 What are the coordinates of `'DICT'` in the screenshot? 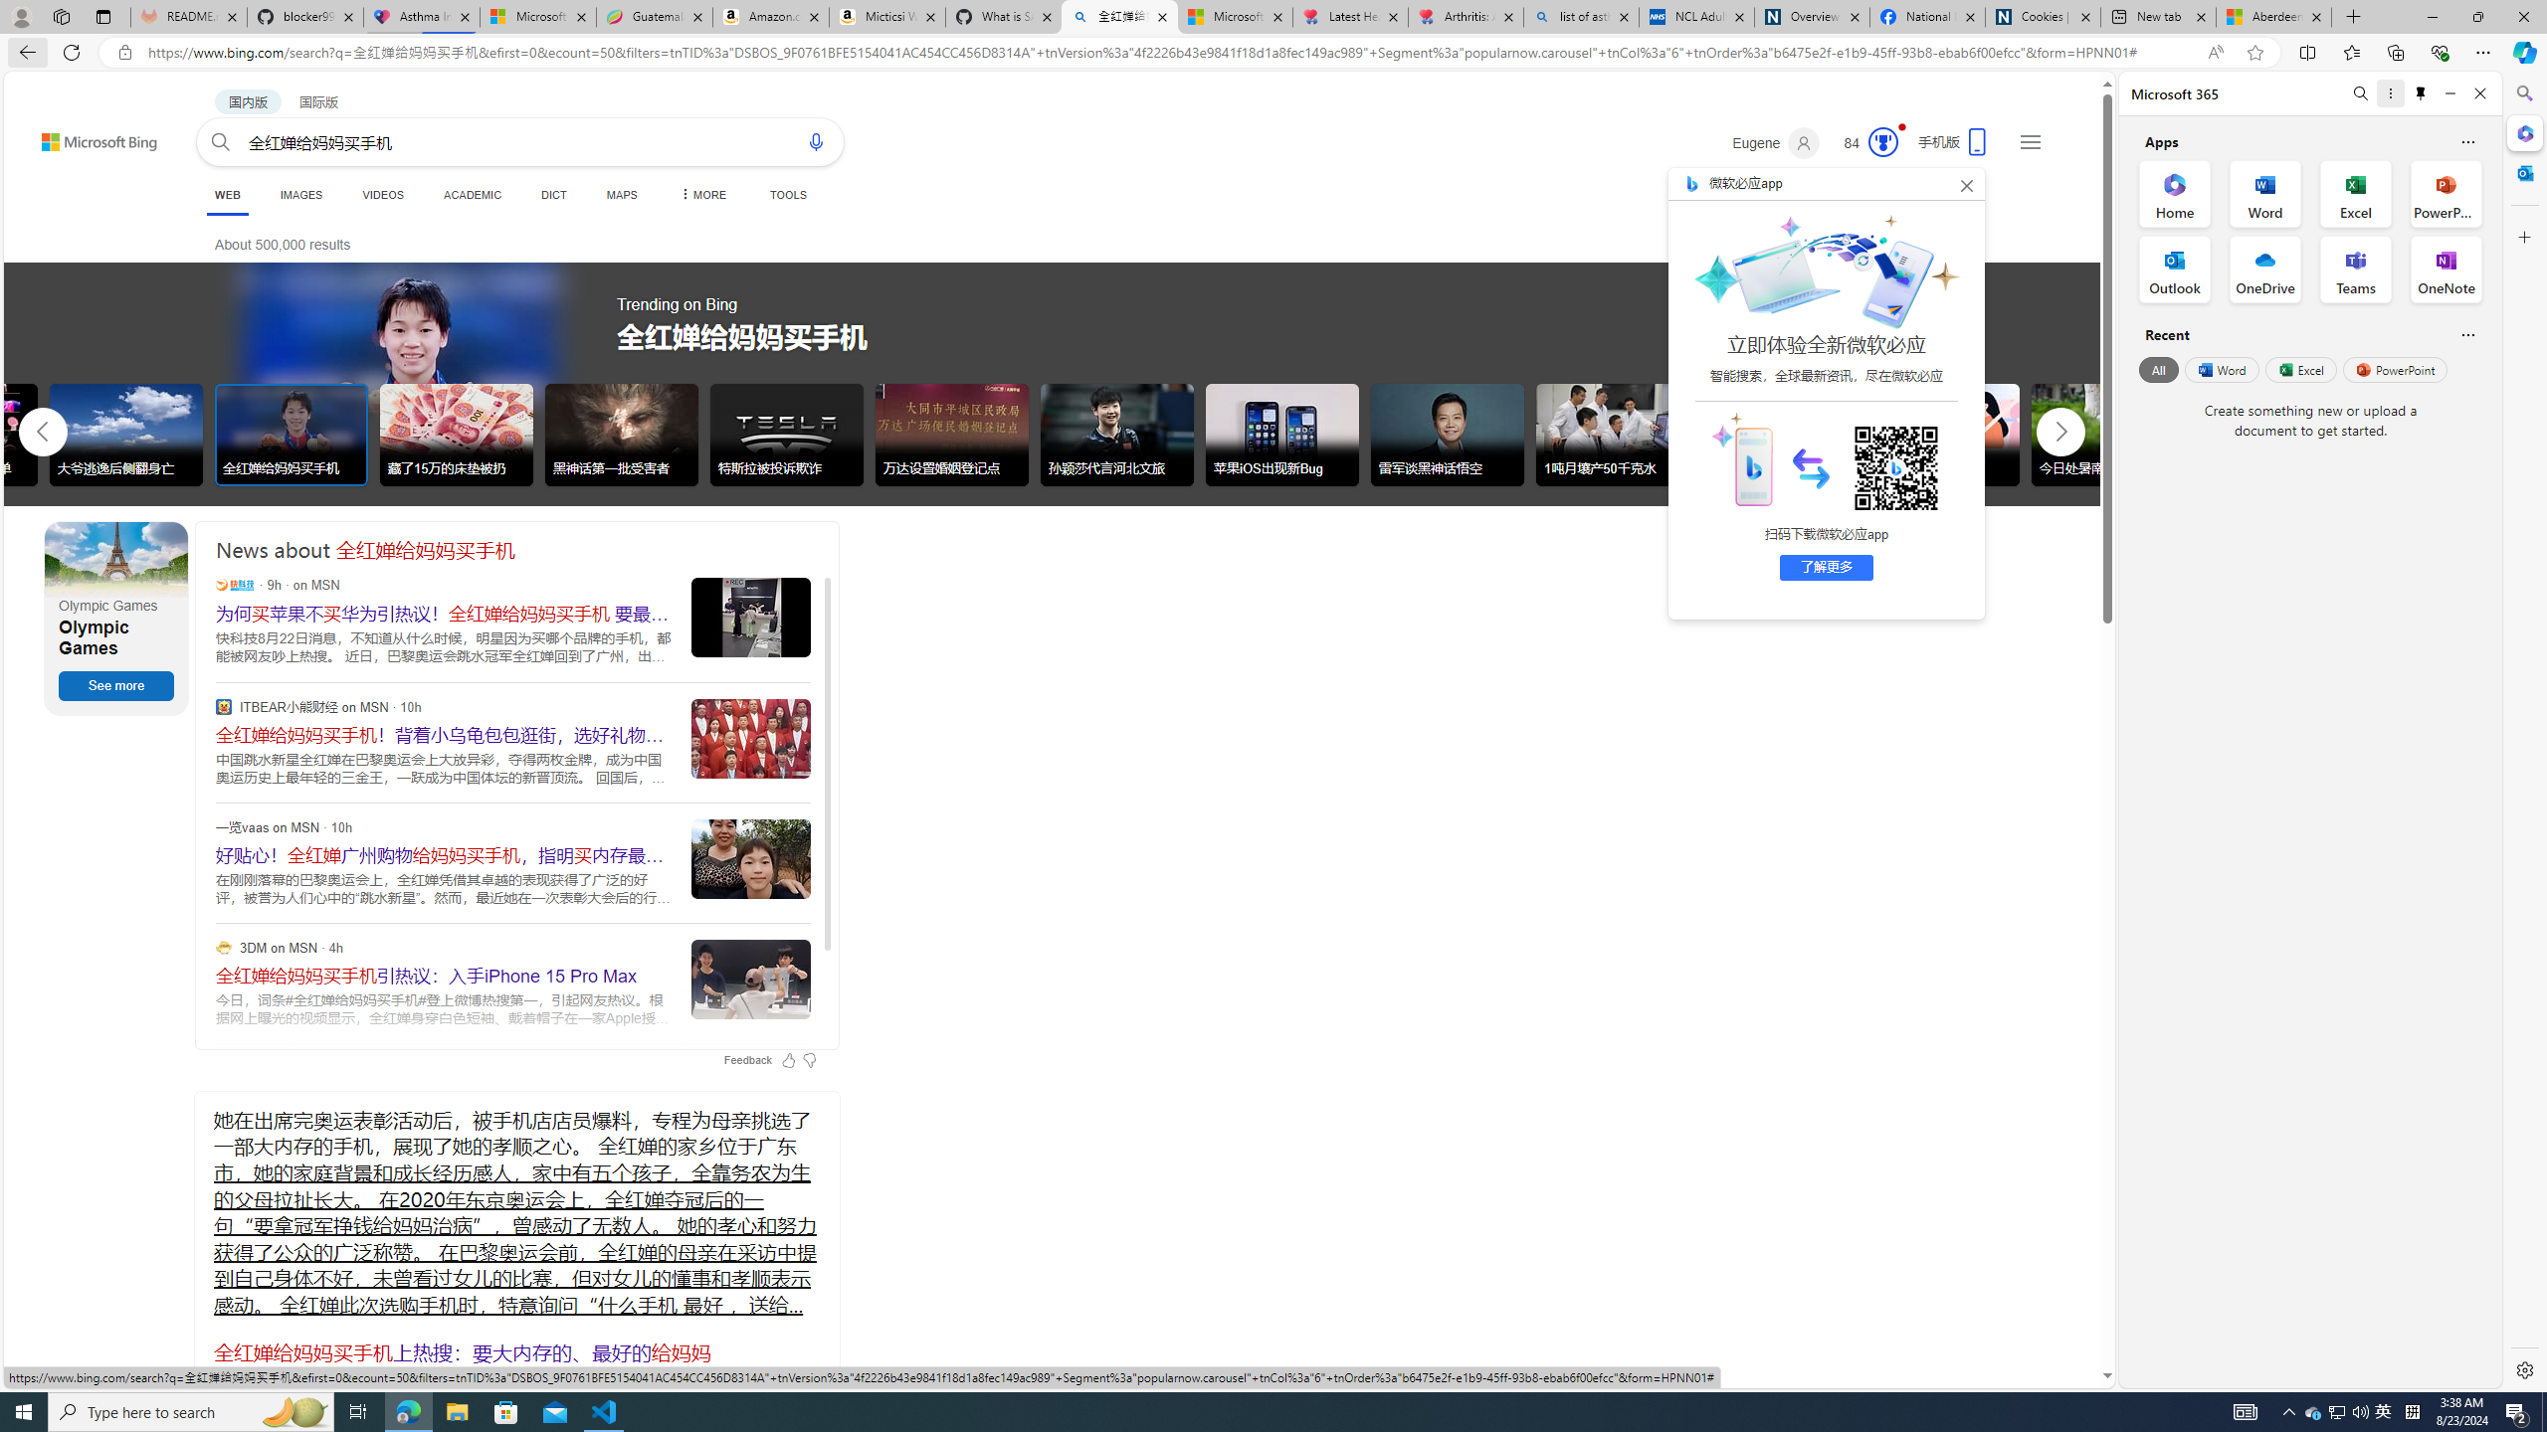 It's located at (552, 194).